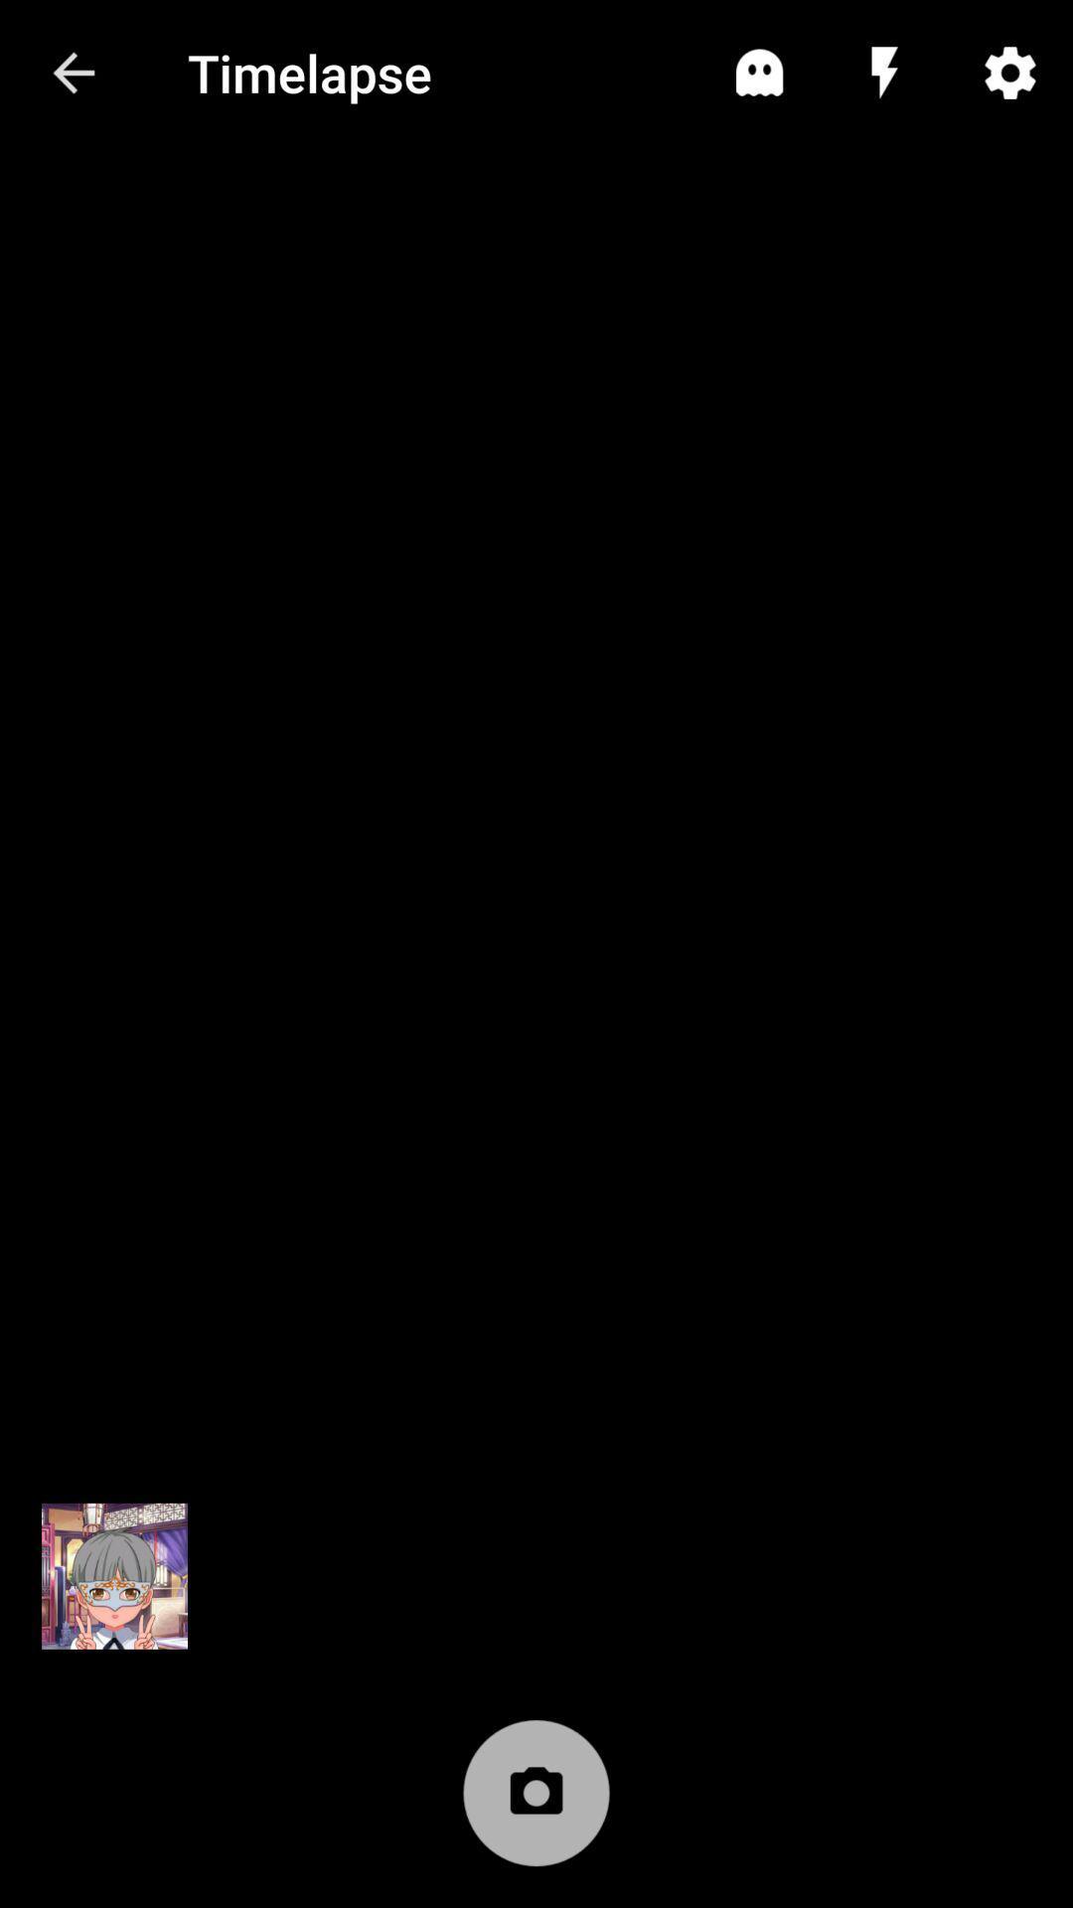 The image size is (1073, 1908). Describe the element at coordinates (72, 73) in the screenshot. I see `item next to the timelapse item` at that location.